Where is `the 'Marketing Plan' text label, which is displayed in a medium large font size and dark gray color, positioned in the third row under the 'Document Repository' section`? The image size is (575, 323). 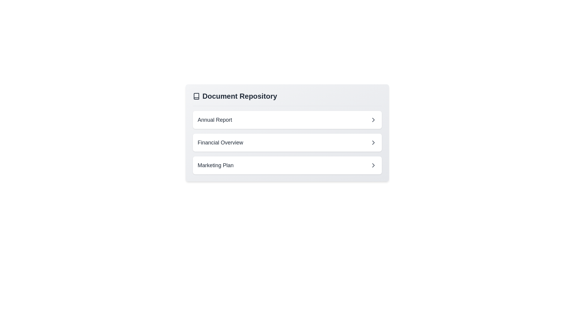
the 'Marketing Plan' text label, which is displayed in a medium large font size and dark gray color, positioned in the third row under the 'Document Repository' section is located at coordinates (216, 165).